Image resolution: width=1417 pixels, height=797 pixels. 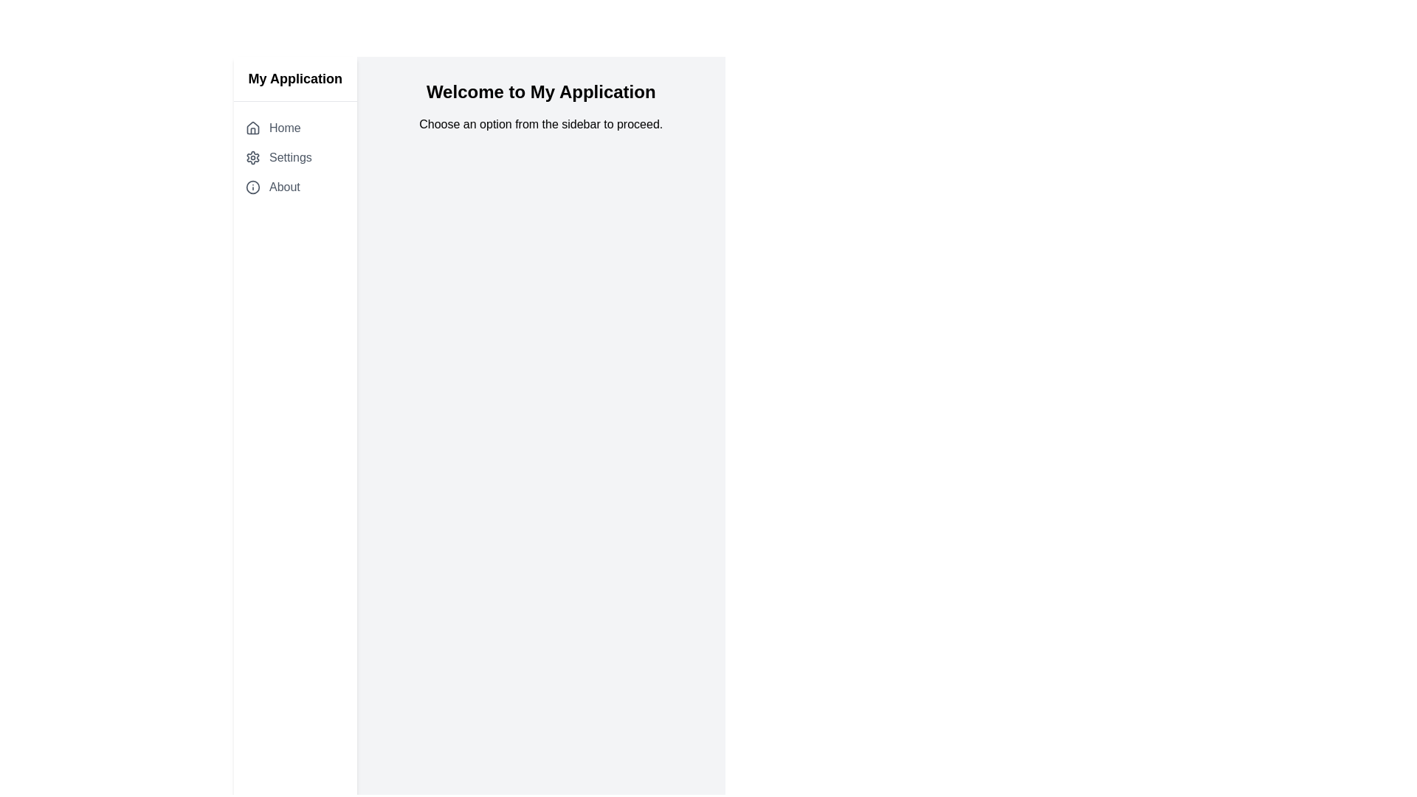 I want to click on the text label displaying 'My Application' located at the top of the left pane for potential interactions, so click(x=295, y=79).